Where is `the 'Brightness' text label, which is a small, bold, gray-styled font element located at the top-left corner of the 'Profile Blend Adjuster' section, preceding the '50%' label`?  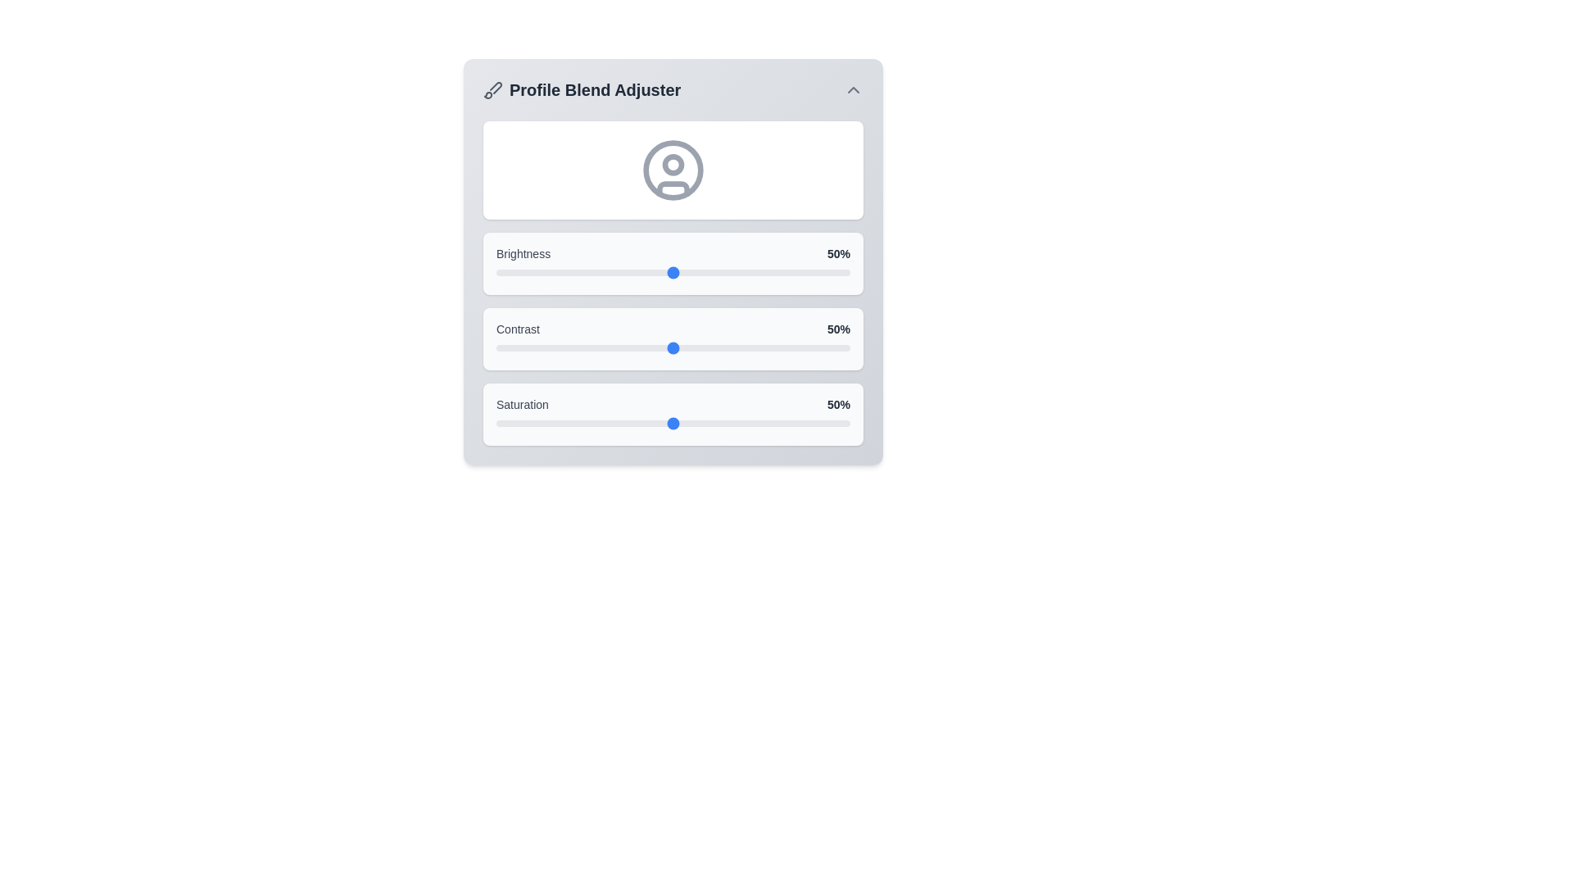
the 'Brightness' text label, which is a small, bold, gray-styled font element located at the top-left corner of the 'Profile Blend Adjuster' section, preceding the '50%' label is located at coordinates (523, 253).